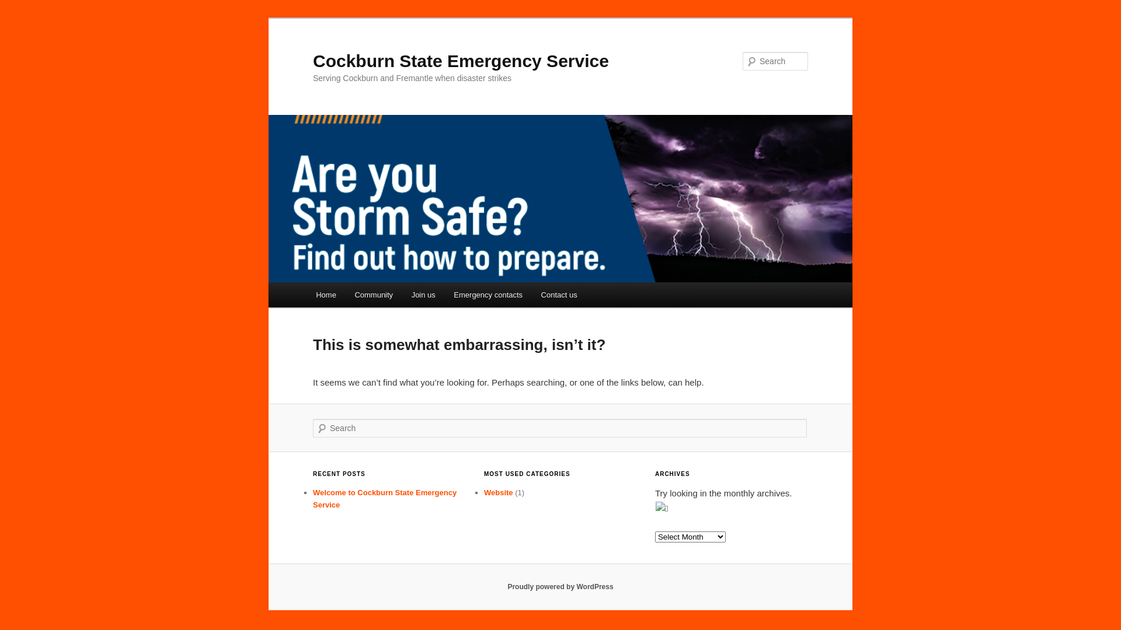 This screenshot has height=630, width=1121. I want to click on 'Welcome to Cockburn State Emergency Service', so click(384, 499).